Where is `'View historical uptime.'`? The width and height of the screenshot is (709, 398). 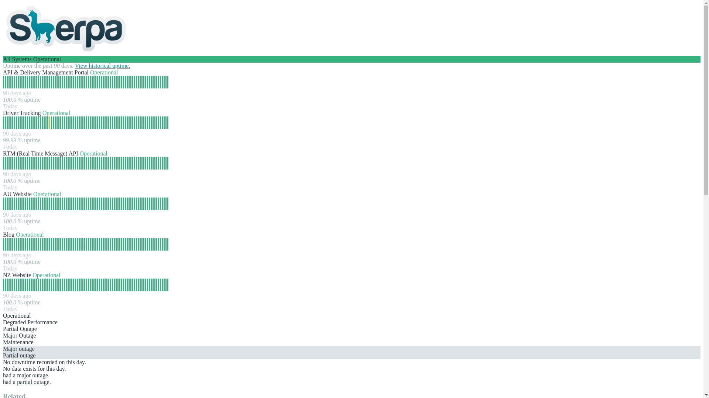
'View historical uptime.' is located at coordinates (102, 65).